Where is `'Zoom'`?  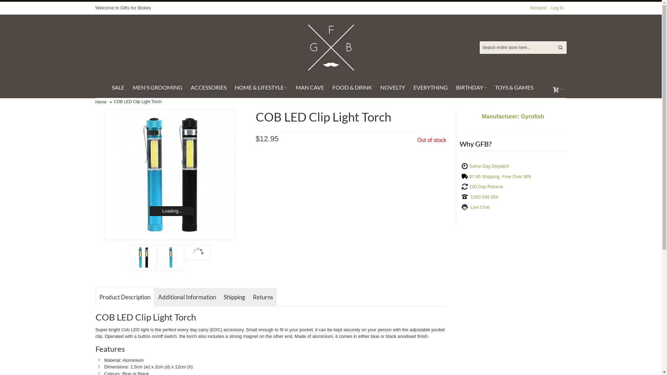 'Zoom' is located at coordinates (170, 174).